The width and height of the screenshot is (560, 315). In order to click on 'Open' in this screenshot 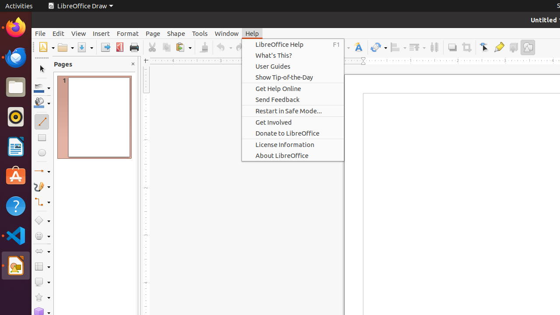, I will do `click(65, 47)`.